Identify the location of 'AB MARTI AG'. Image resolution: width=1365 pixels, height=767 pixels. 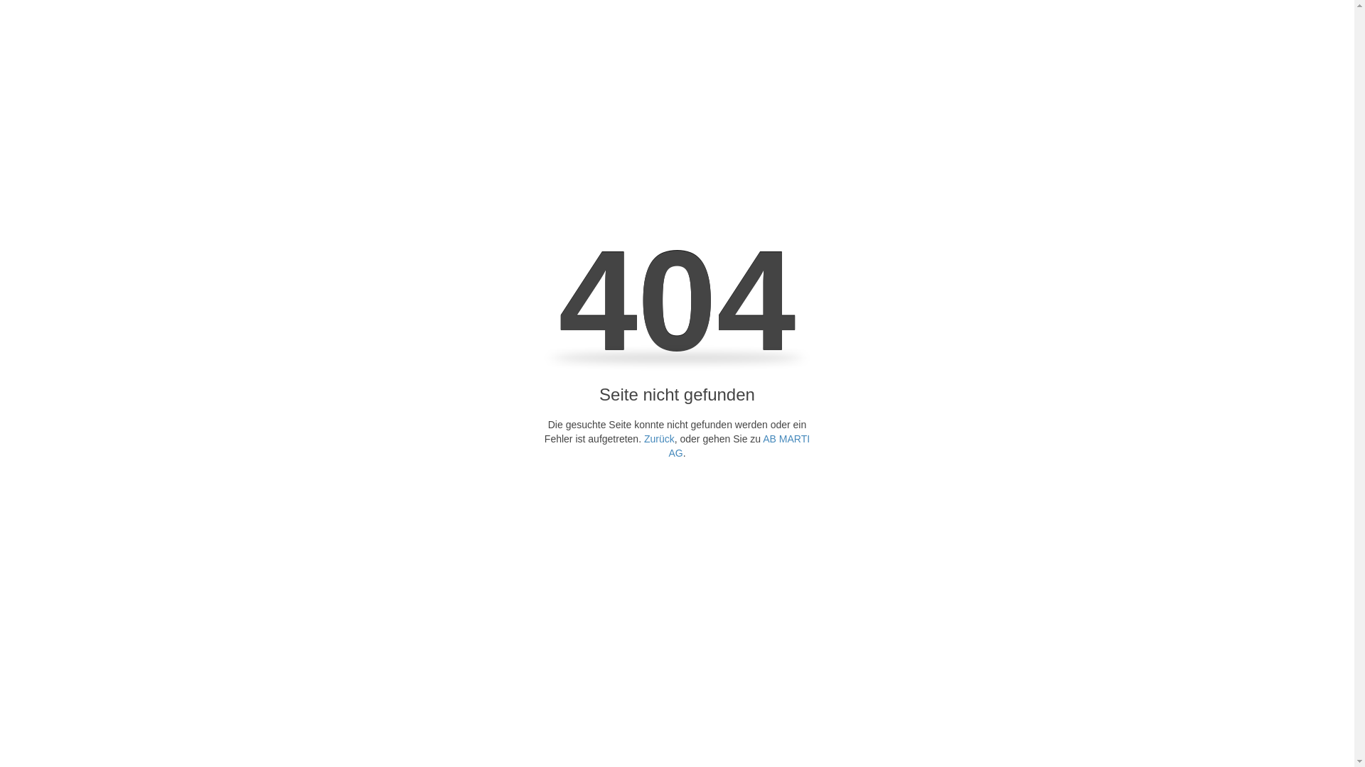
(739, 445).